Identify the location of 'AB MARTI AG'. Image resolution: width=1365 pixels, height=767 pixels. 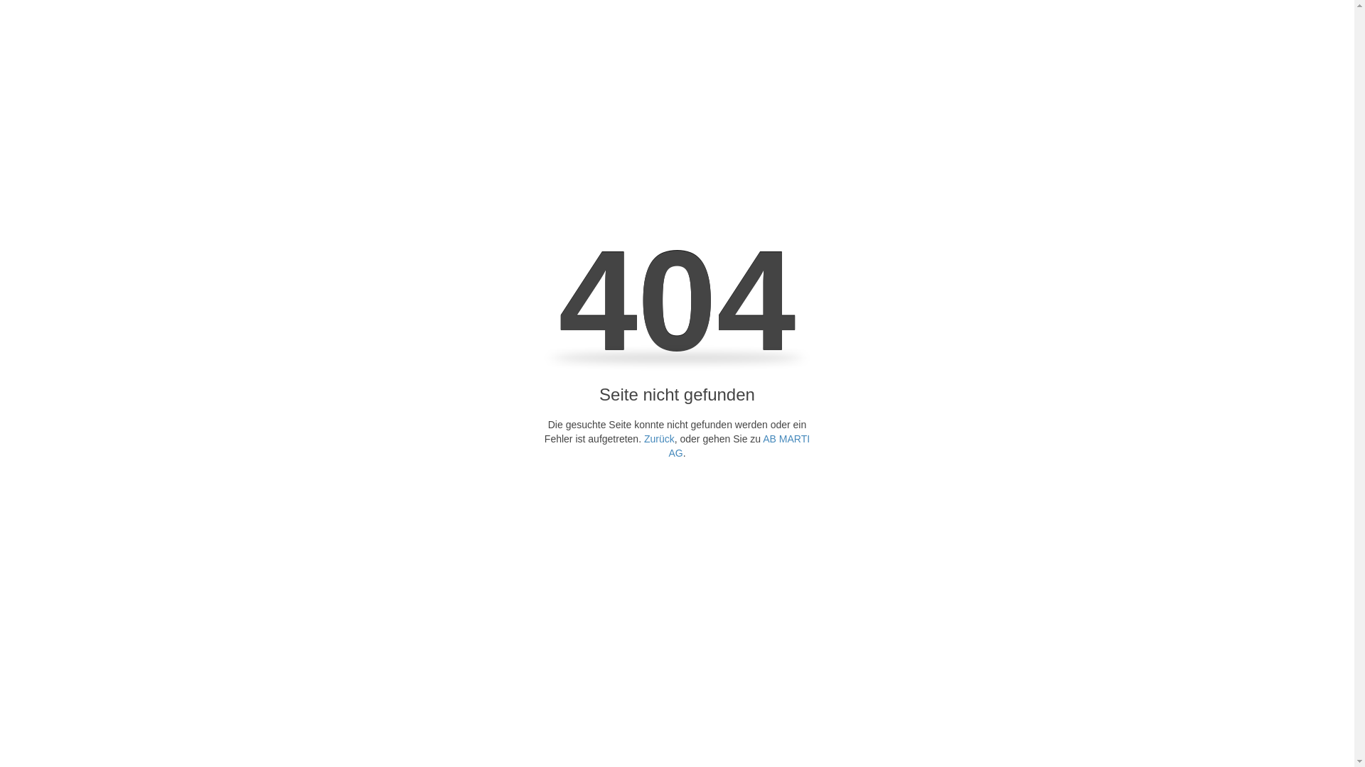
(739, 445).